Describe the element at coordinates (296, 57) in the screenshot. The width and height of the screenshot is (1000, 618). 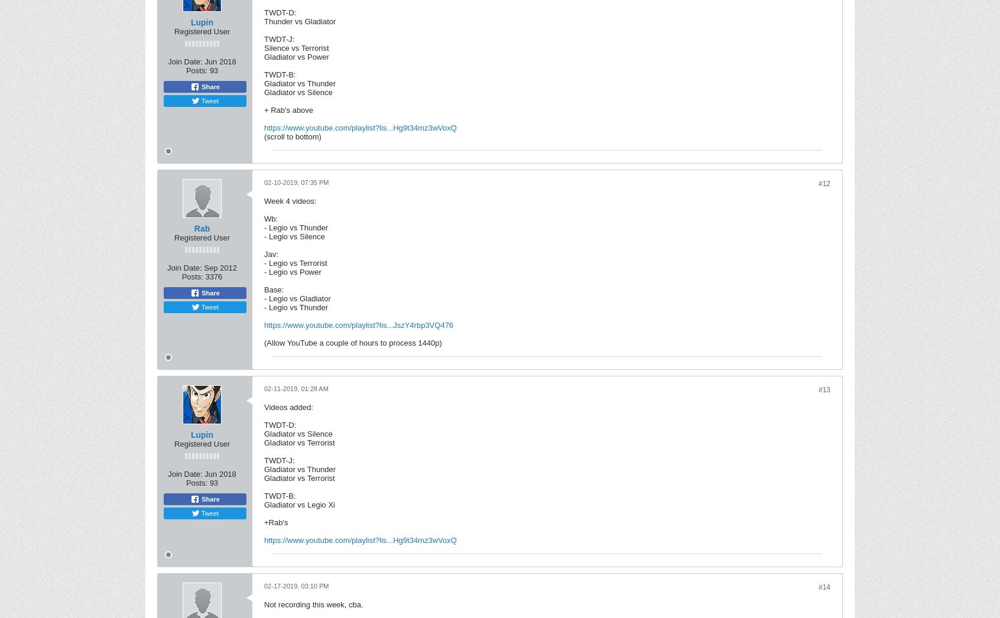
I see `'Gladiator vs Power'` at that location.